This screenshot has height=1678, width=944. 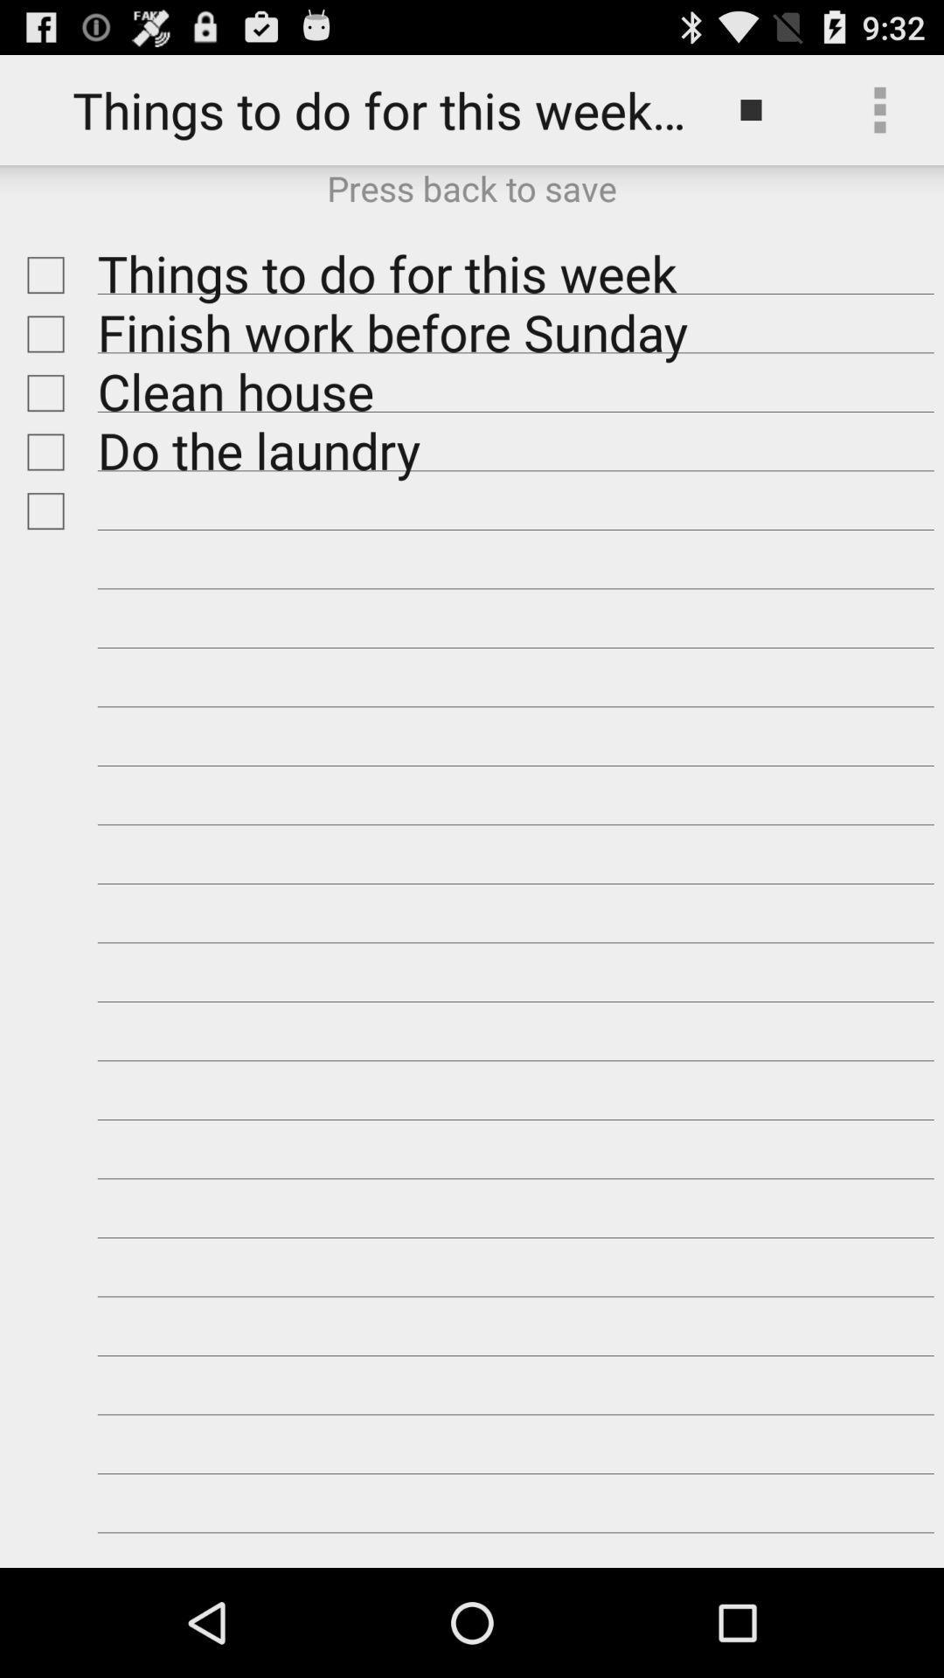 What do you see at coordinates (40, 510) in the screenshot?
I see `new task` at bounding box center [40, 510].